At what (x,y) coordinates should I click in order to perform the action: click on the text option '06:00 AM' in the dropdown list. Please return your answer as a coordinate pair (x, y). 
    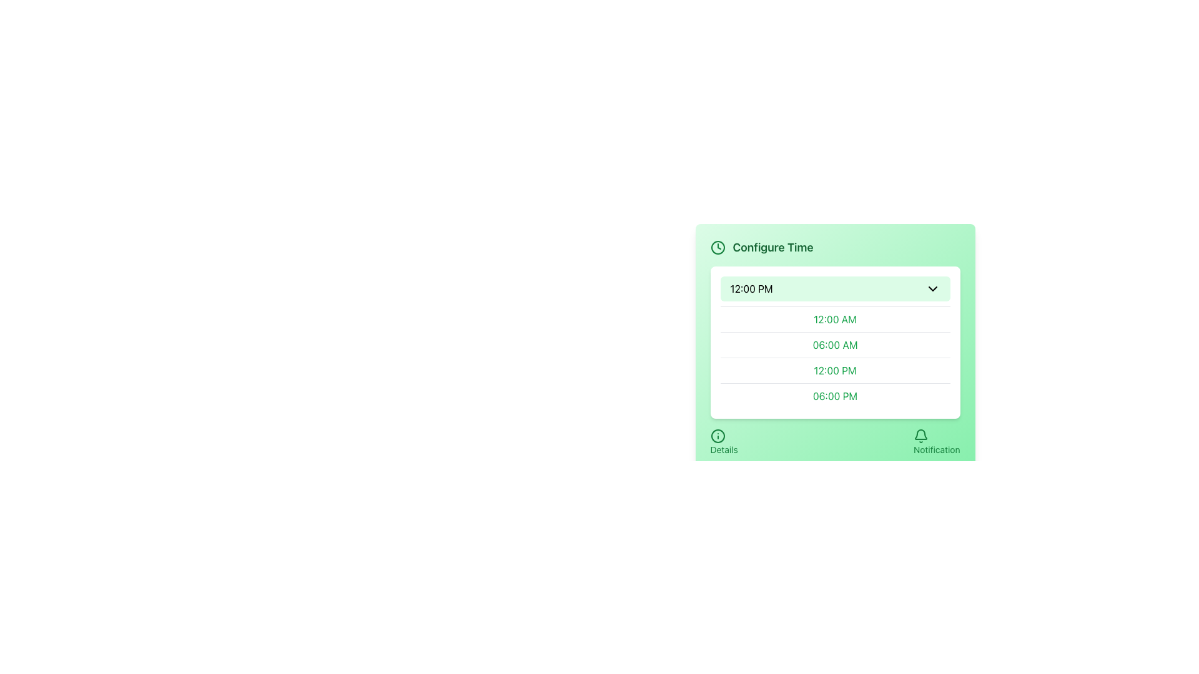
    Looking at the image, I should click on (835, 344).